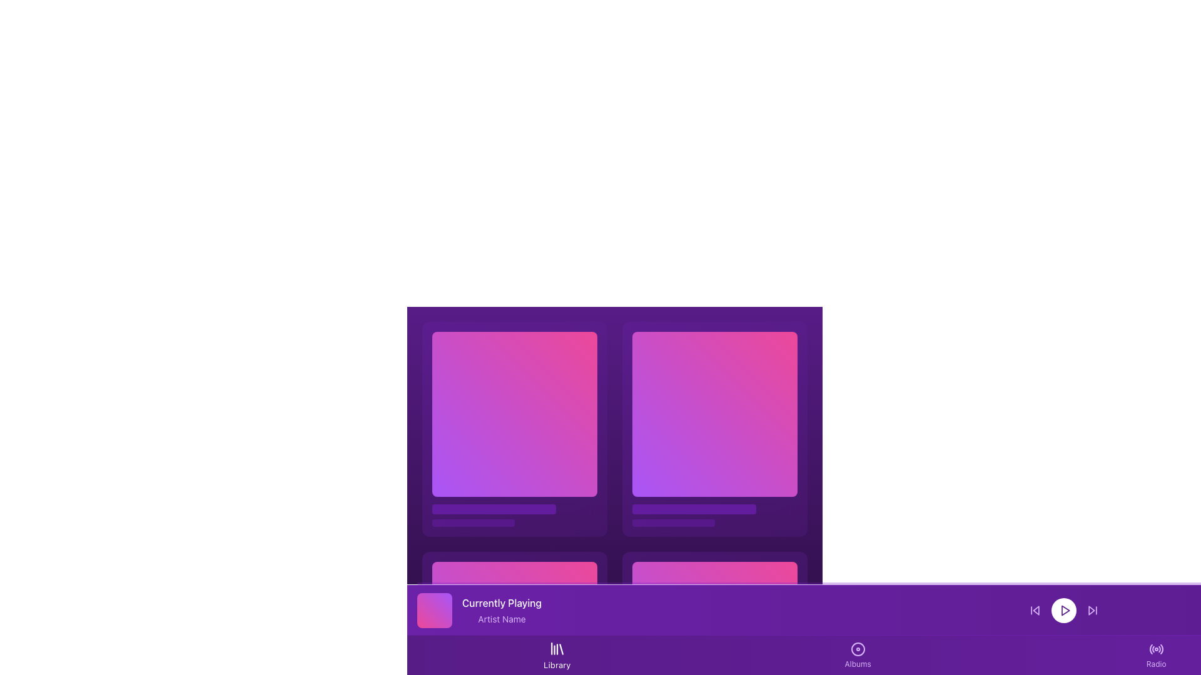 This screenshot has height=675, width=1201. What do you see at coordinates (857, 663) in the screenshot?
I see `text label indicating the 'Albums' section in the bottom navigation bar, which is centered below the disc icon` at bounding box center [857, 663].